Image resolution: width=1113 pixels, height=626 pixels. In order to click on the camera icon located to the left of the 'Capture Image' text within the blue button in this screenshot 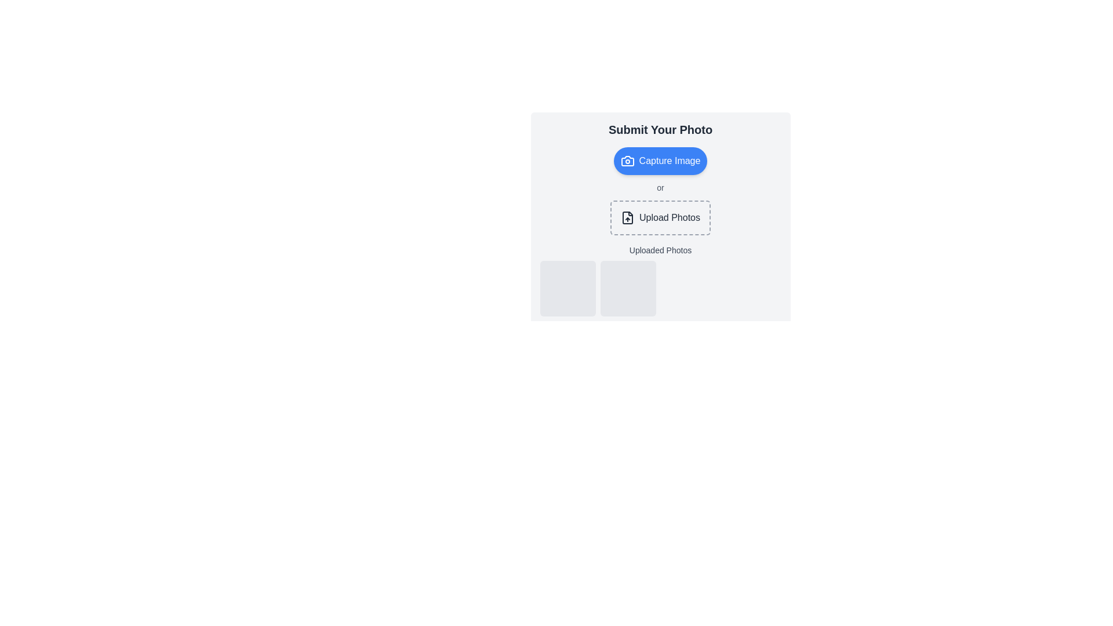, I will do `click(627, 161)`.